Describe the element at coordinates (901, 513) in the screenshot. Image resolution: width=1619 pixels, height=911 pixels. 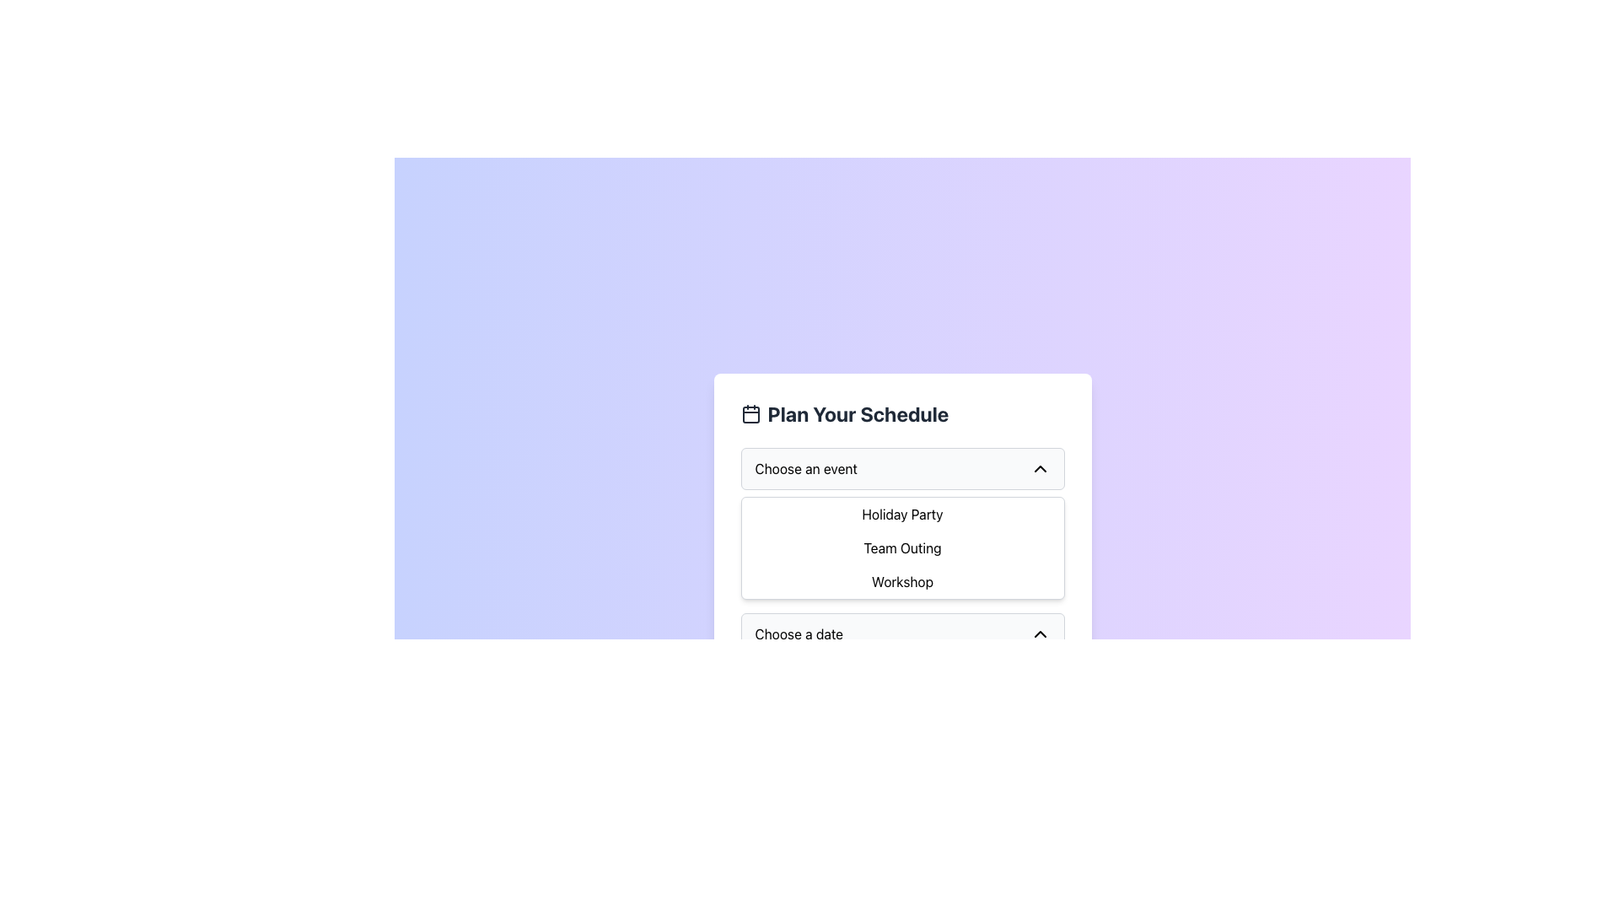
I see `the selectable list item displaying 'Holiday Party'` at that location.